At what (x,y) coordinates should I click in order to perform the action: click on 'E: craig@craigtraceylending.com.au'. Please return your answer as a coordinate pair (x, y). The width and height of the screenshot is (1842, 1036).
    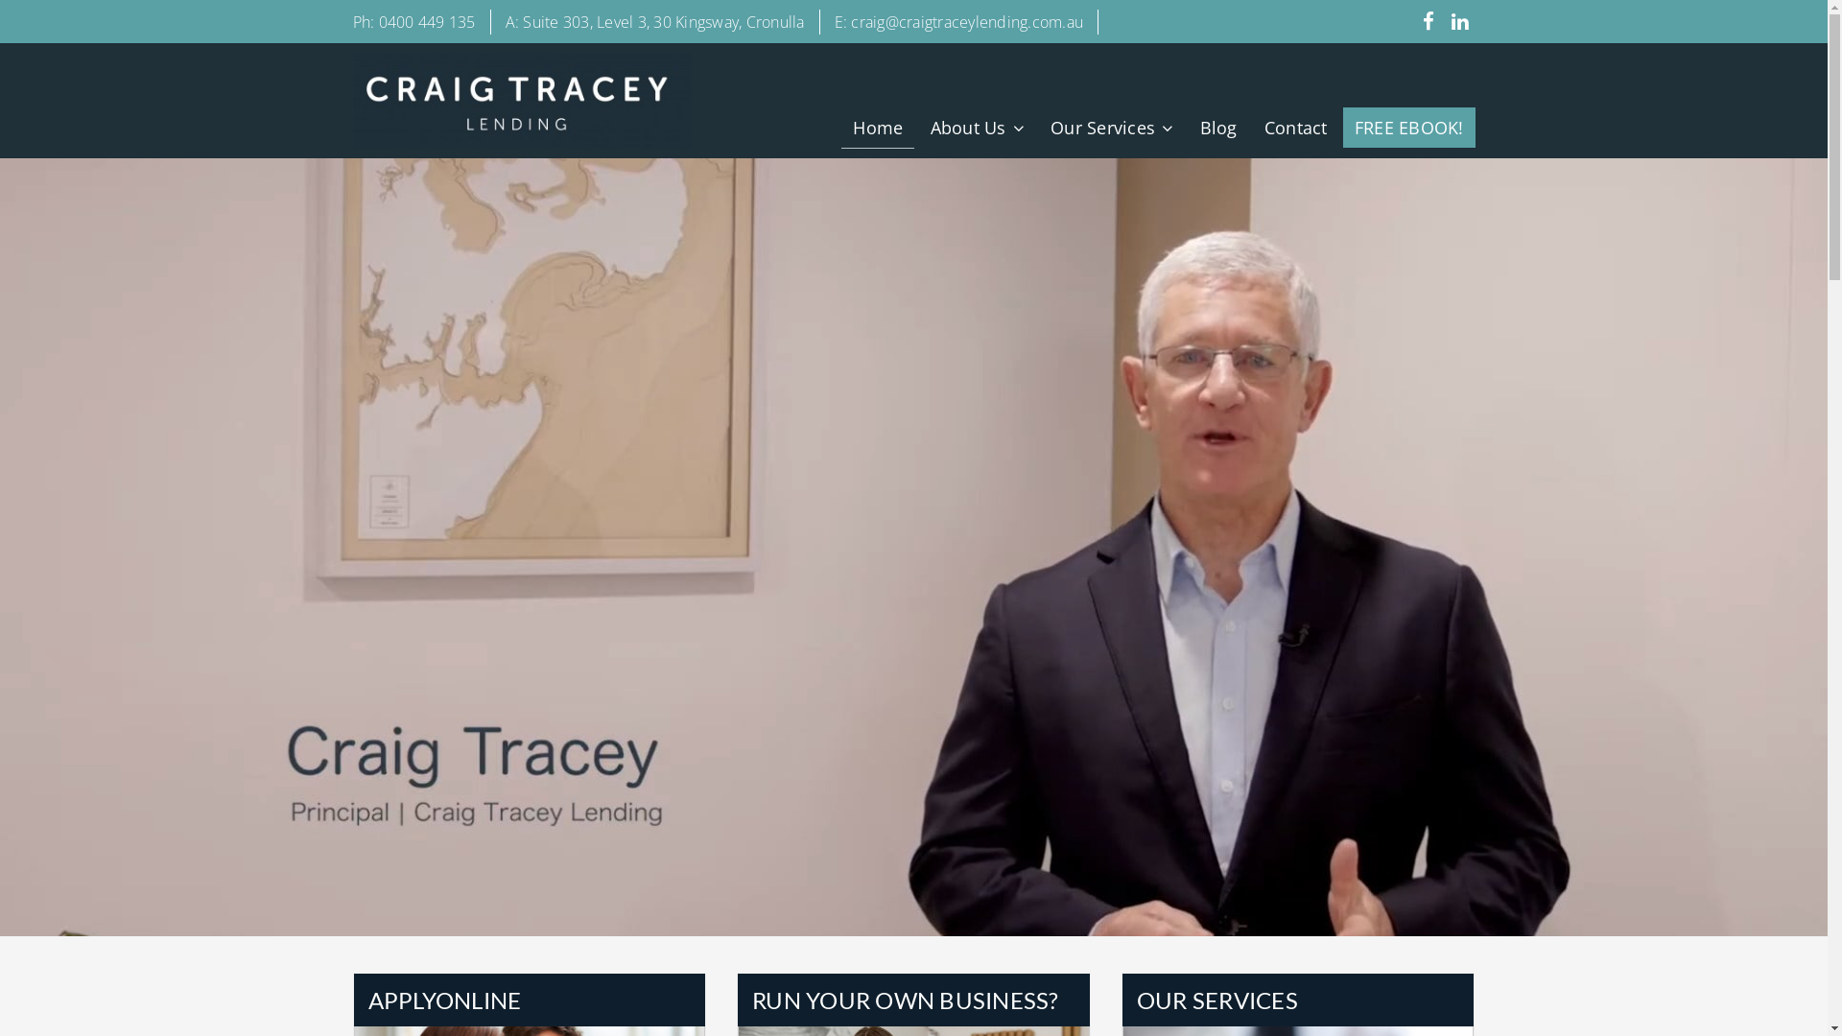
    Looking at the image, I should click on (958, 22).